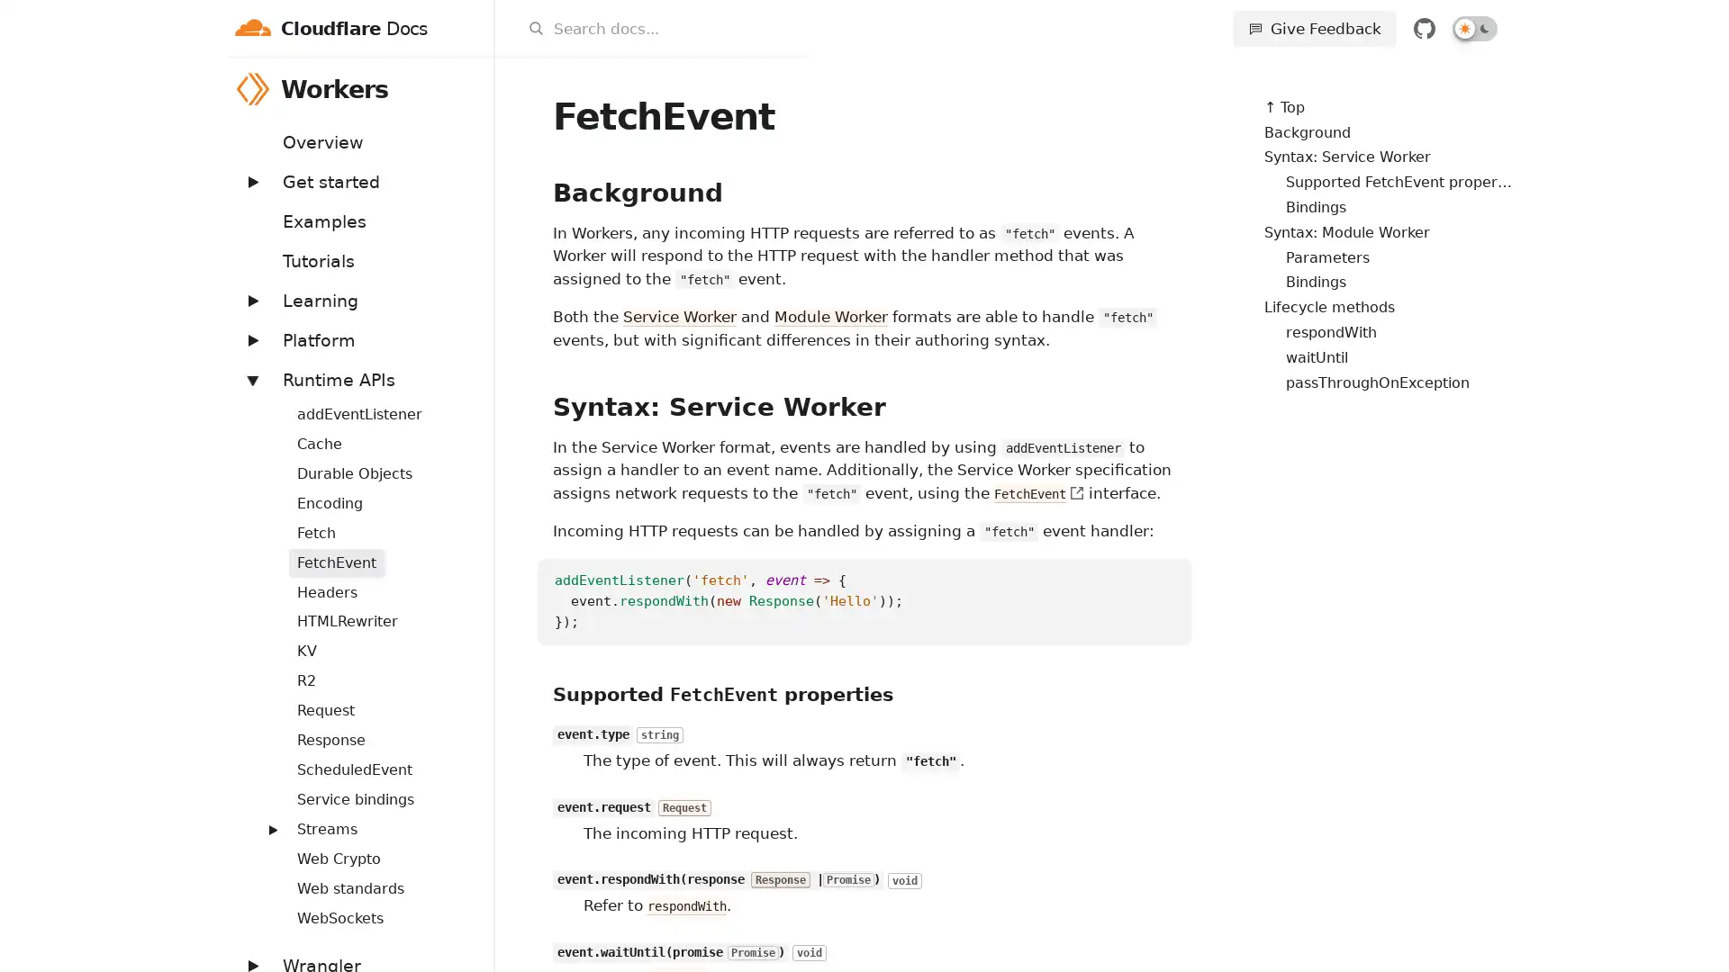  Describe the element at coordinates (250, 339) in the screenshot. I see `Expand: Platform` at that location.